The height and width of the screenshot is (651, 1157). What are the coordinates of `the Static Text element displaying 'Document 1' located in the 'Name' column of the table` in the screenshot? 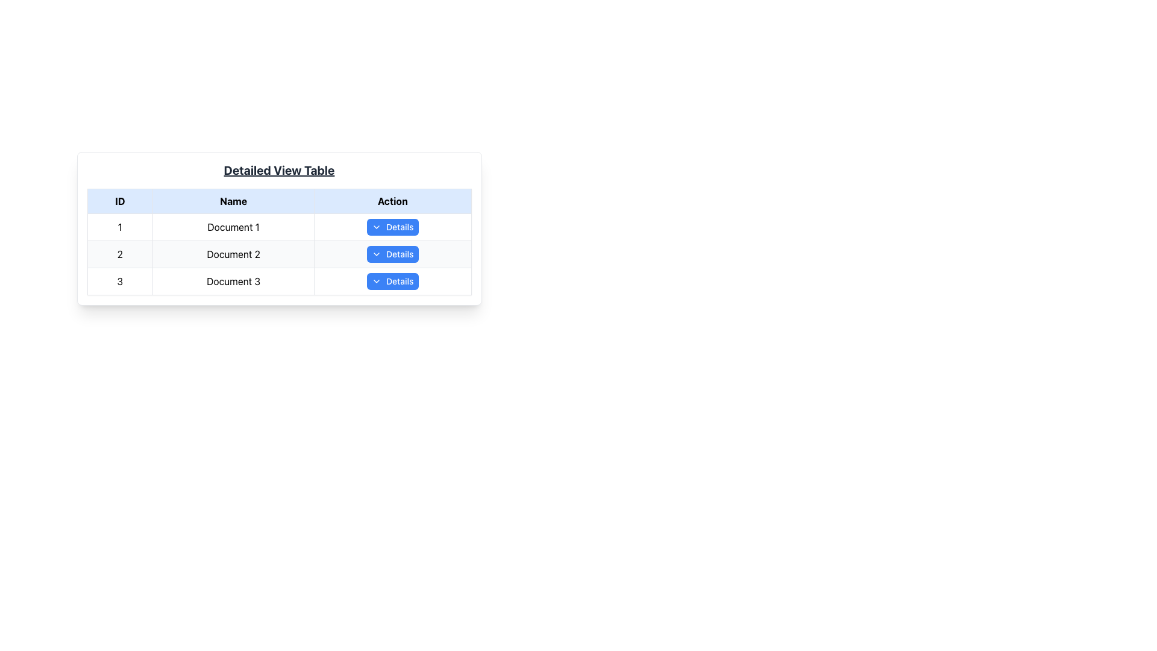 It's located at (233, 227).